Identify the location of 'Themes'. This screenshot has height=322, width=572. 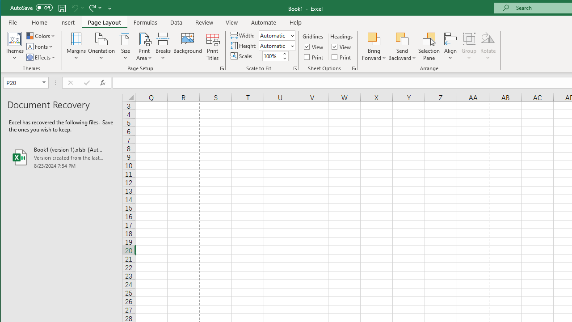
(15, 47).